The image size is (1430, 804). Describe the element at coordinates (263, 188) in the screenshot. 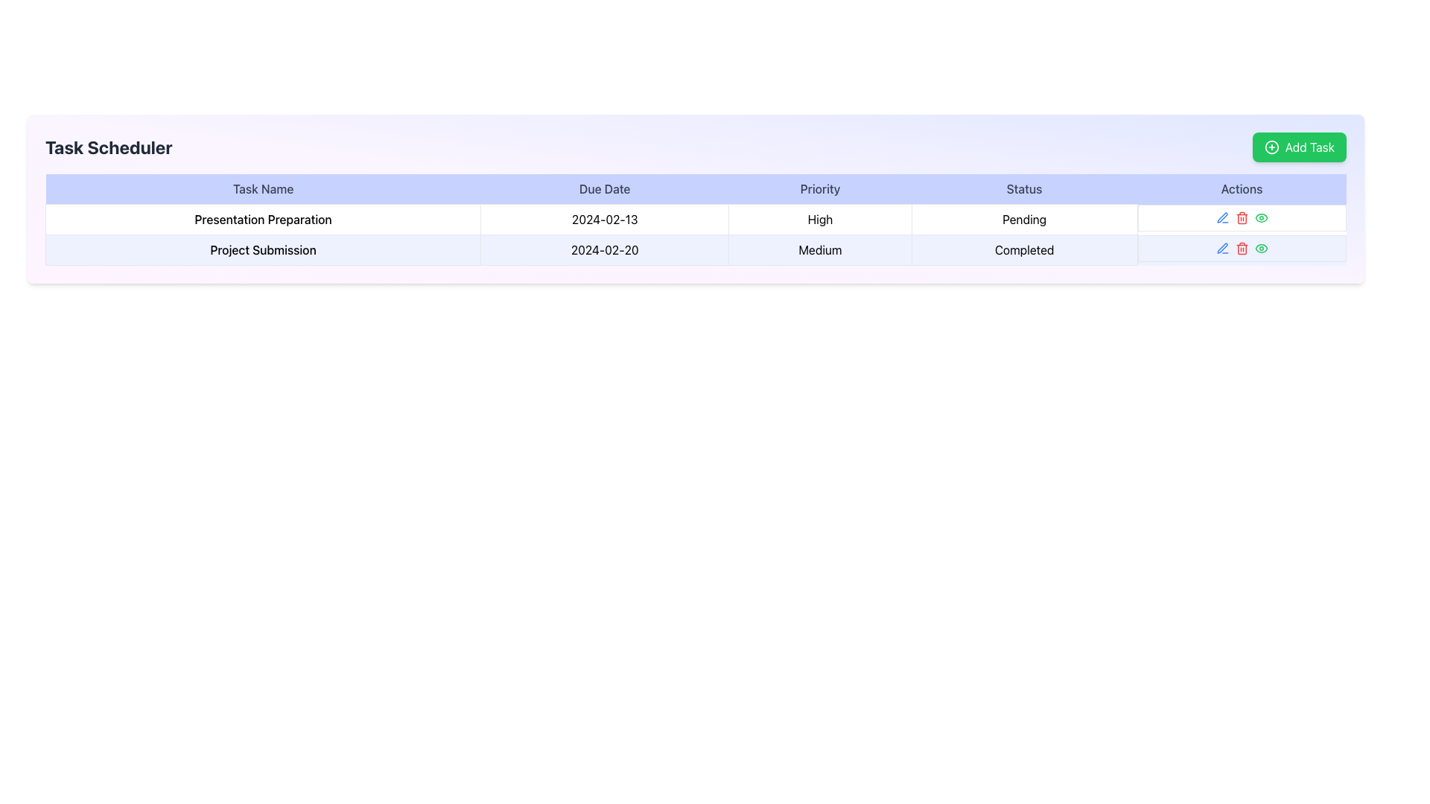

I see `the Text Label that serves as a header for the 'Task Name' column in the table` at that location.